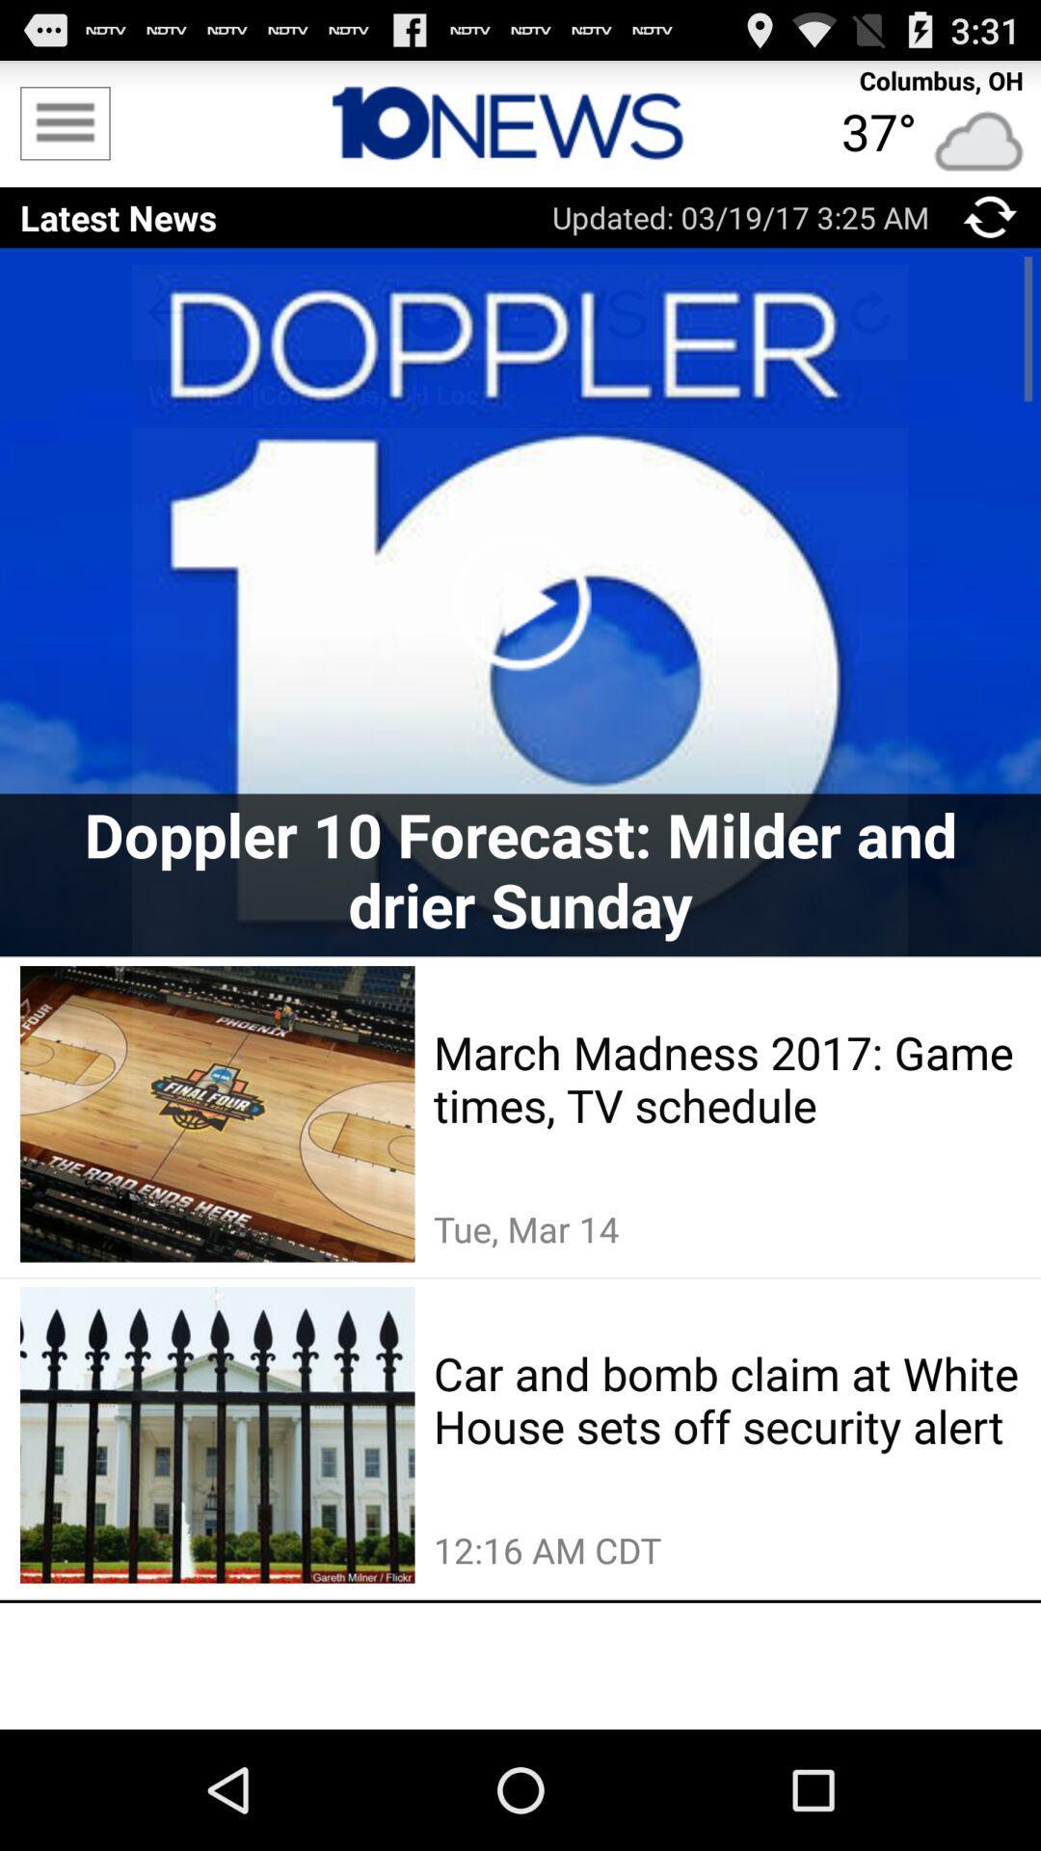  What do you see at coordinates (64, 122) in the screenshot?
I see `menu list` at bounding box center [64, 122].